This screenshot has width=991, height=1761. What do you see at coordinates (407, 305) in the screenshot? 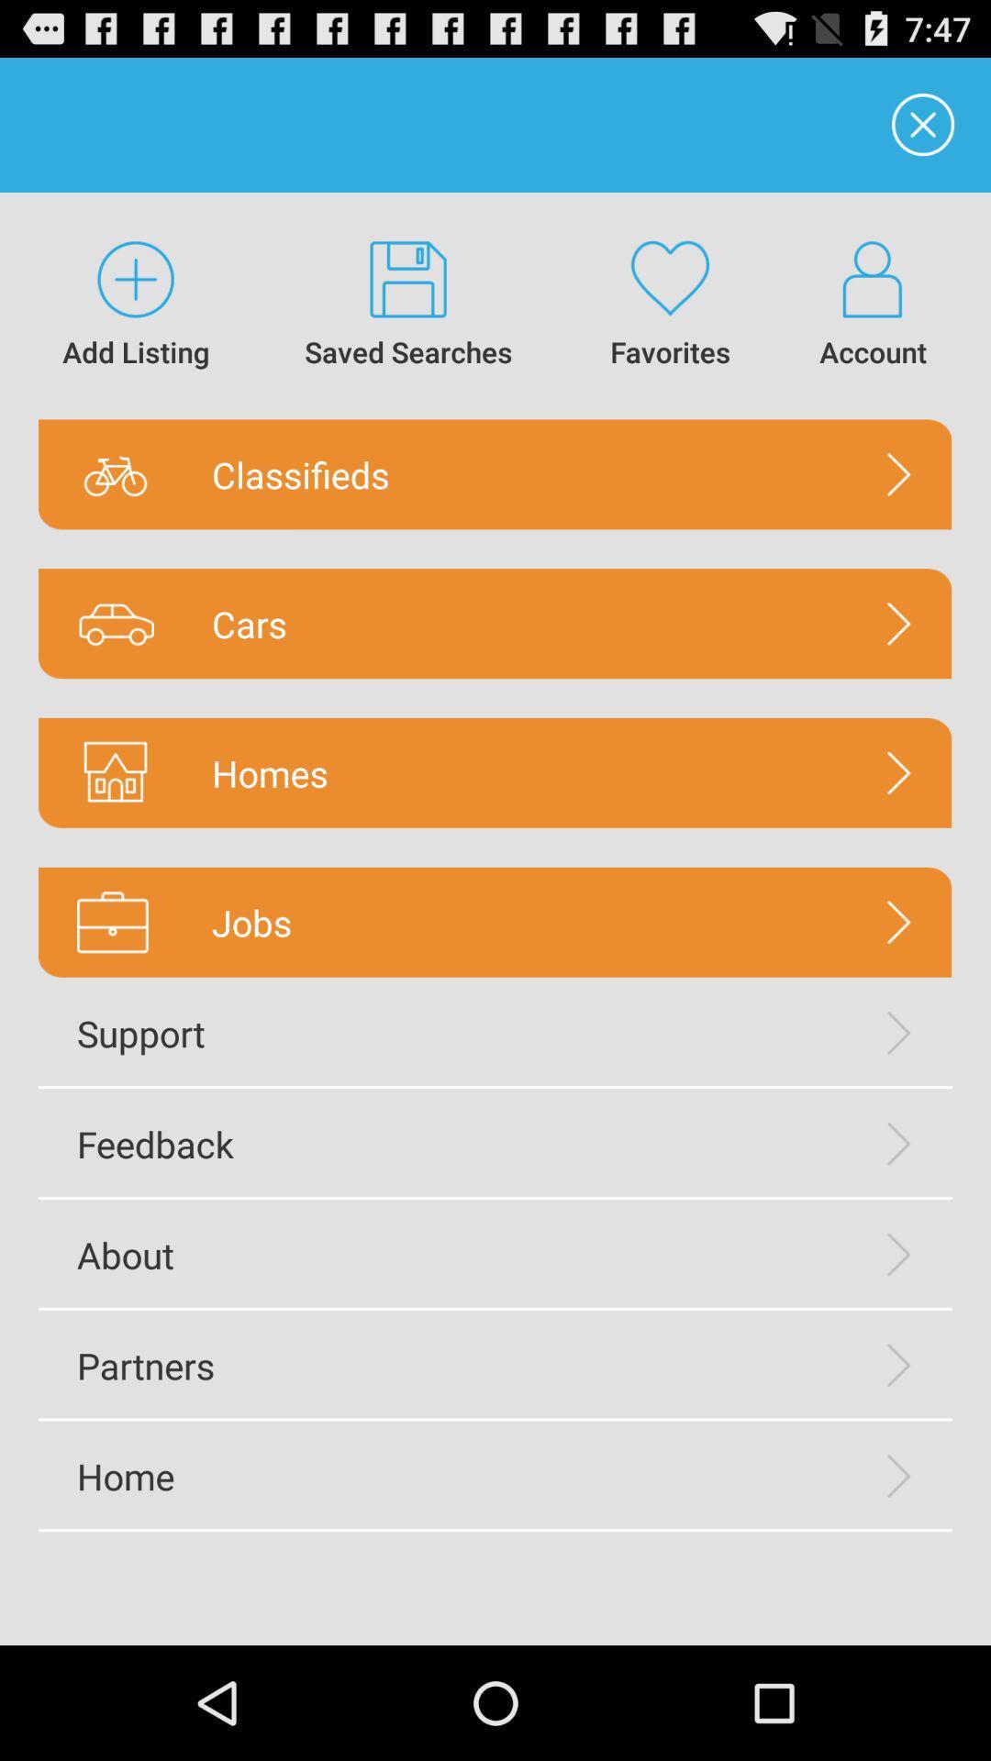
I see `icon above classifieds` at bounding box center [407, 305].